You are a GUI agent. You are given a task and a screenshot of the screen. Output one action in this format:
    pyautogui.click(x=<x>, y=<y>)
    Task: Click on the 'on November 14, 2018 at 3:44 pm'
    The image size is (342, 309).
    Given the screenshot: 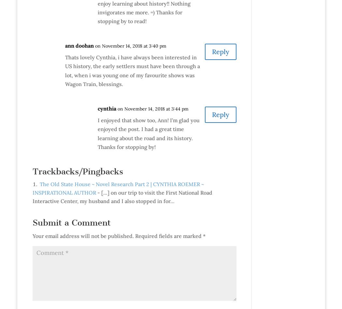 What is the action you would take?
    pyautogui.click(x=117, y=109)
    